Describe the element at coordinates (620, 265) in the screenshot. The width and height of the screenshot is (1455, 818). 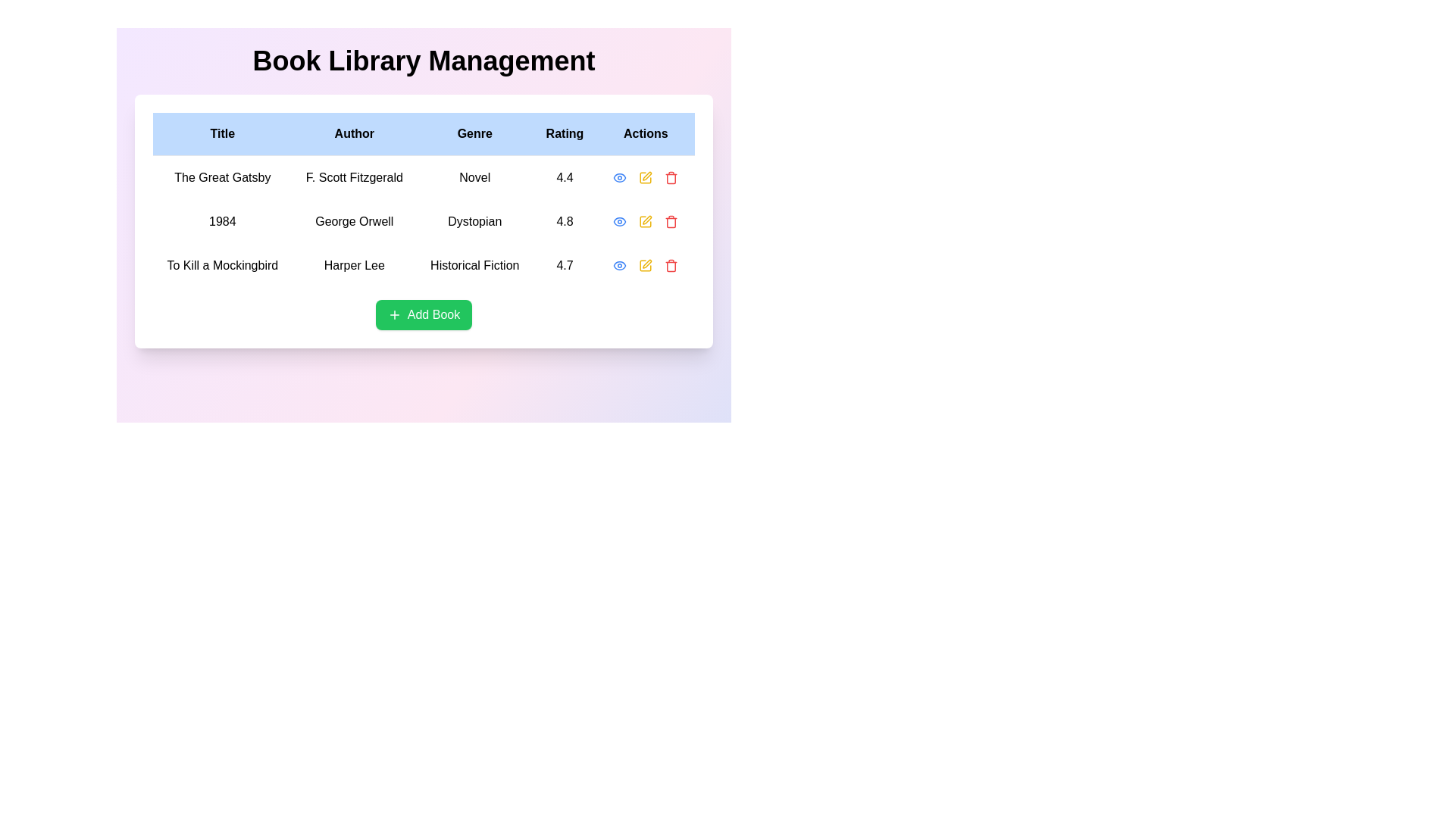
I see `the eye-shaped icon button with a blue outline in the Actions column of the third row` at that location.